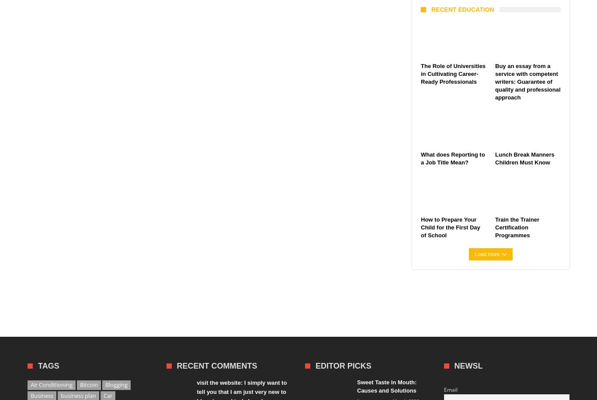 The height and width of the screenshot is (400, 597). I want to click on 'Car', so click(108, 395).